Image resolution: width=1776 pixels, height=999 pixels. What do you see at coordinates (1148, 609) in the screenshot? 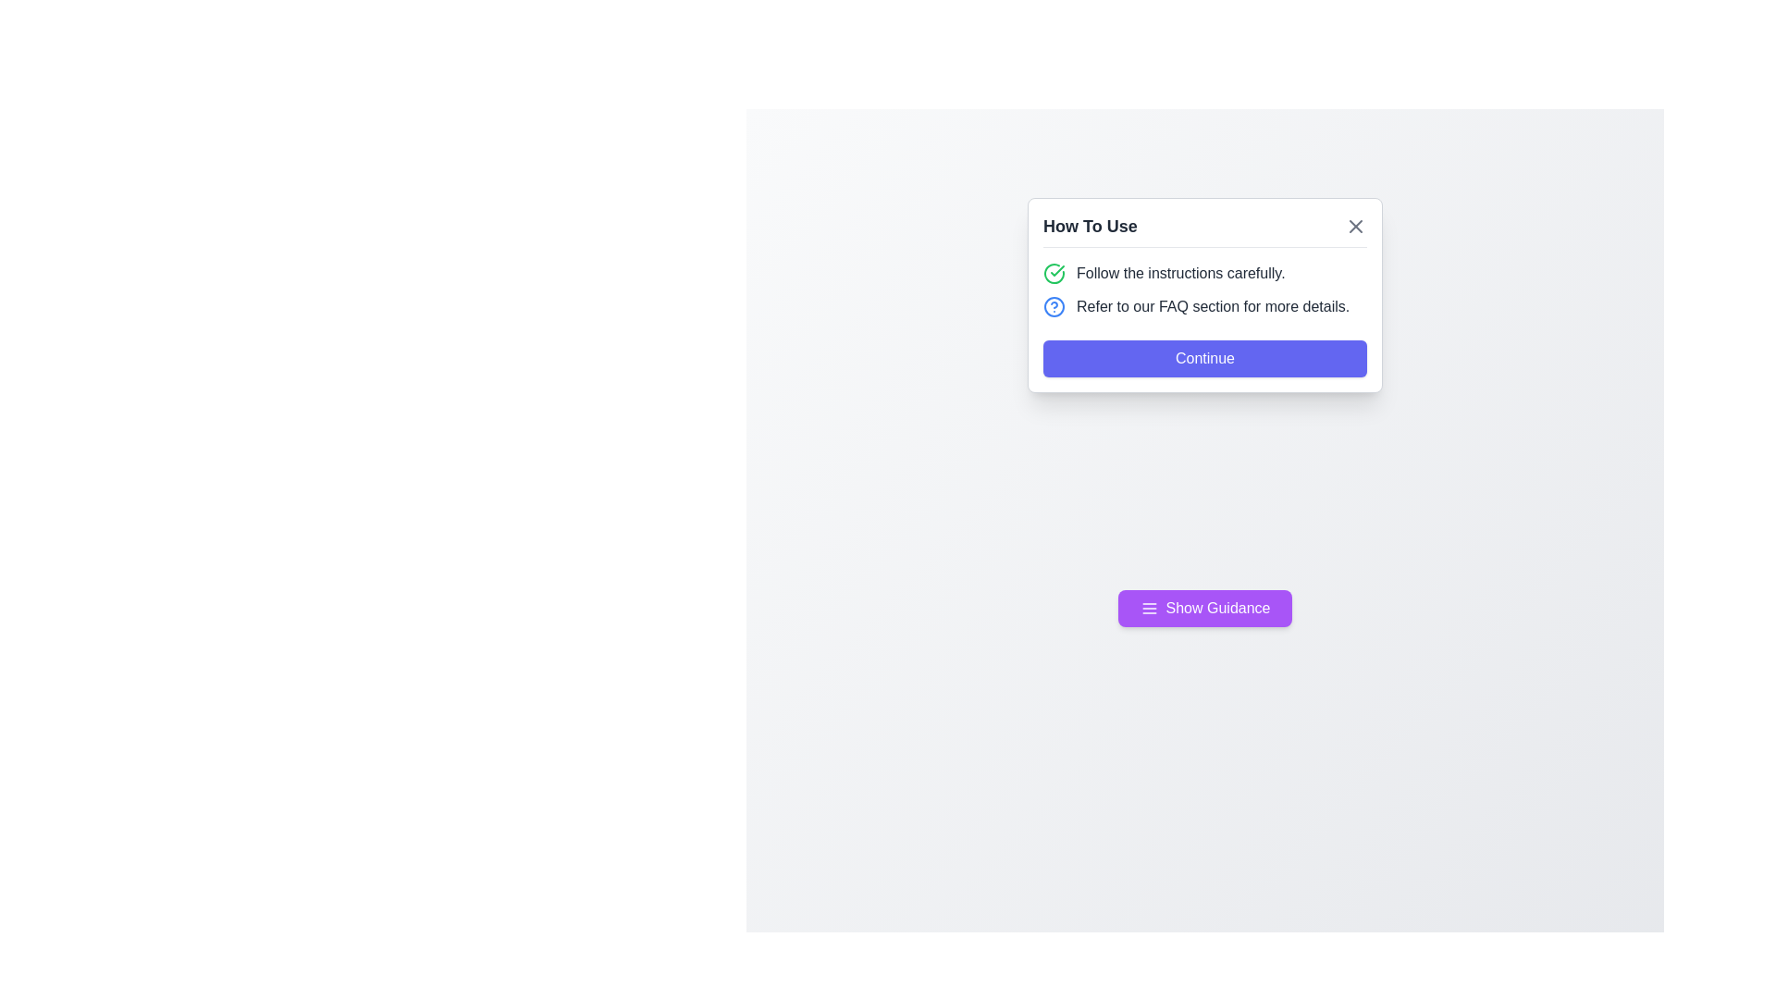
I see `the icon within the 'Show Guidance' button, which is located towards the left side of the button's text` at bounding box center [1148, 609].